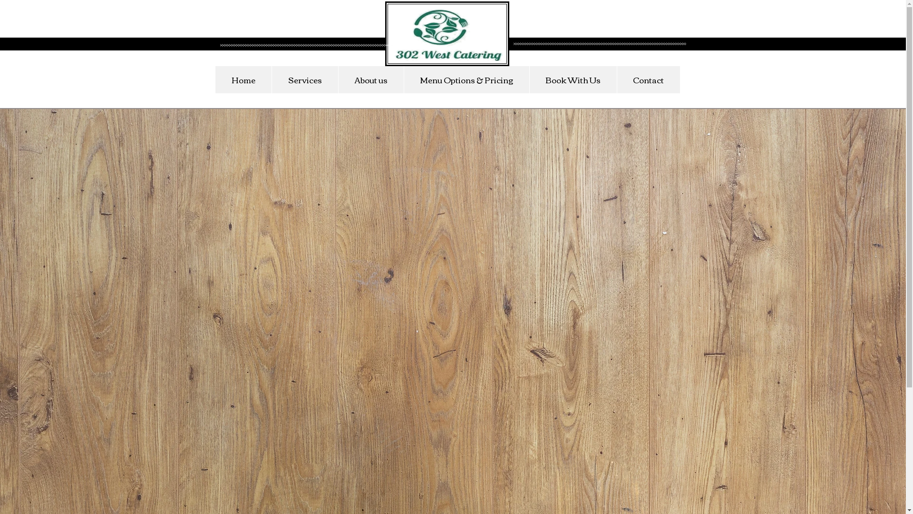 The image size is (913, 514). What do you see at coordinates (572, 79) in the screenshot?
I see `'Book With Us'` at bounding box center [572, 79].